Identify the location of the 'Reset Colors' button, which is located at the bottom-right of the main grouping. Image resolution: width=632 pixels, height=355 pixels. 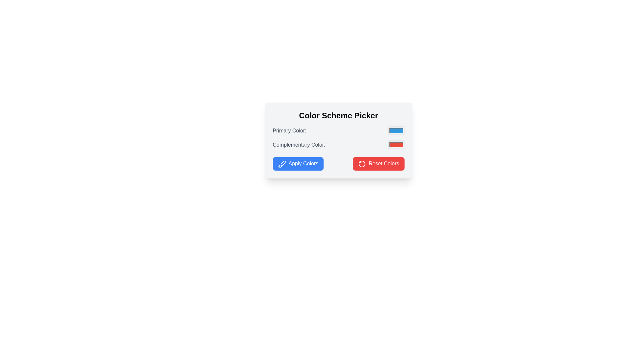
(361, 163).